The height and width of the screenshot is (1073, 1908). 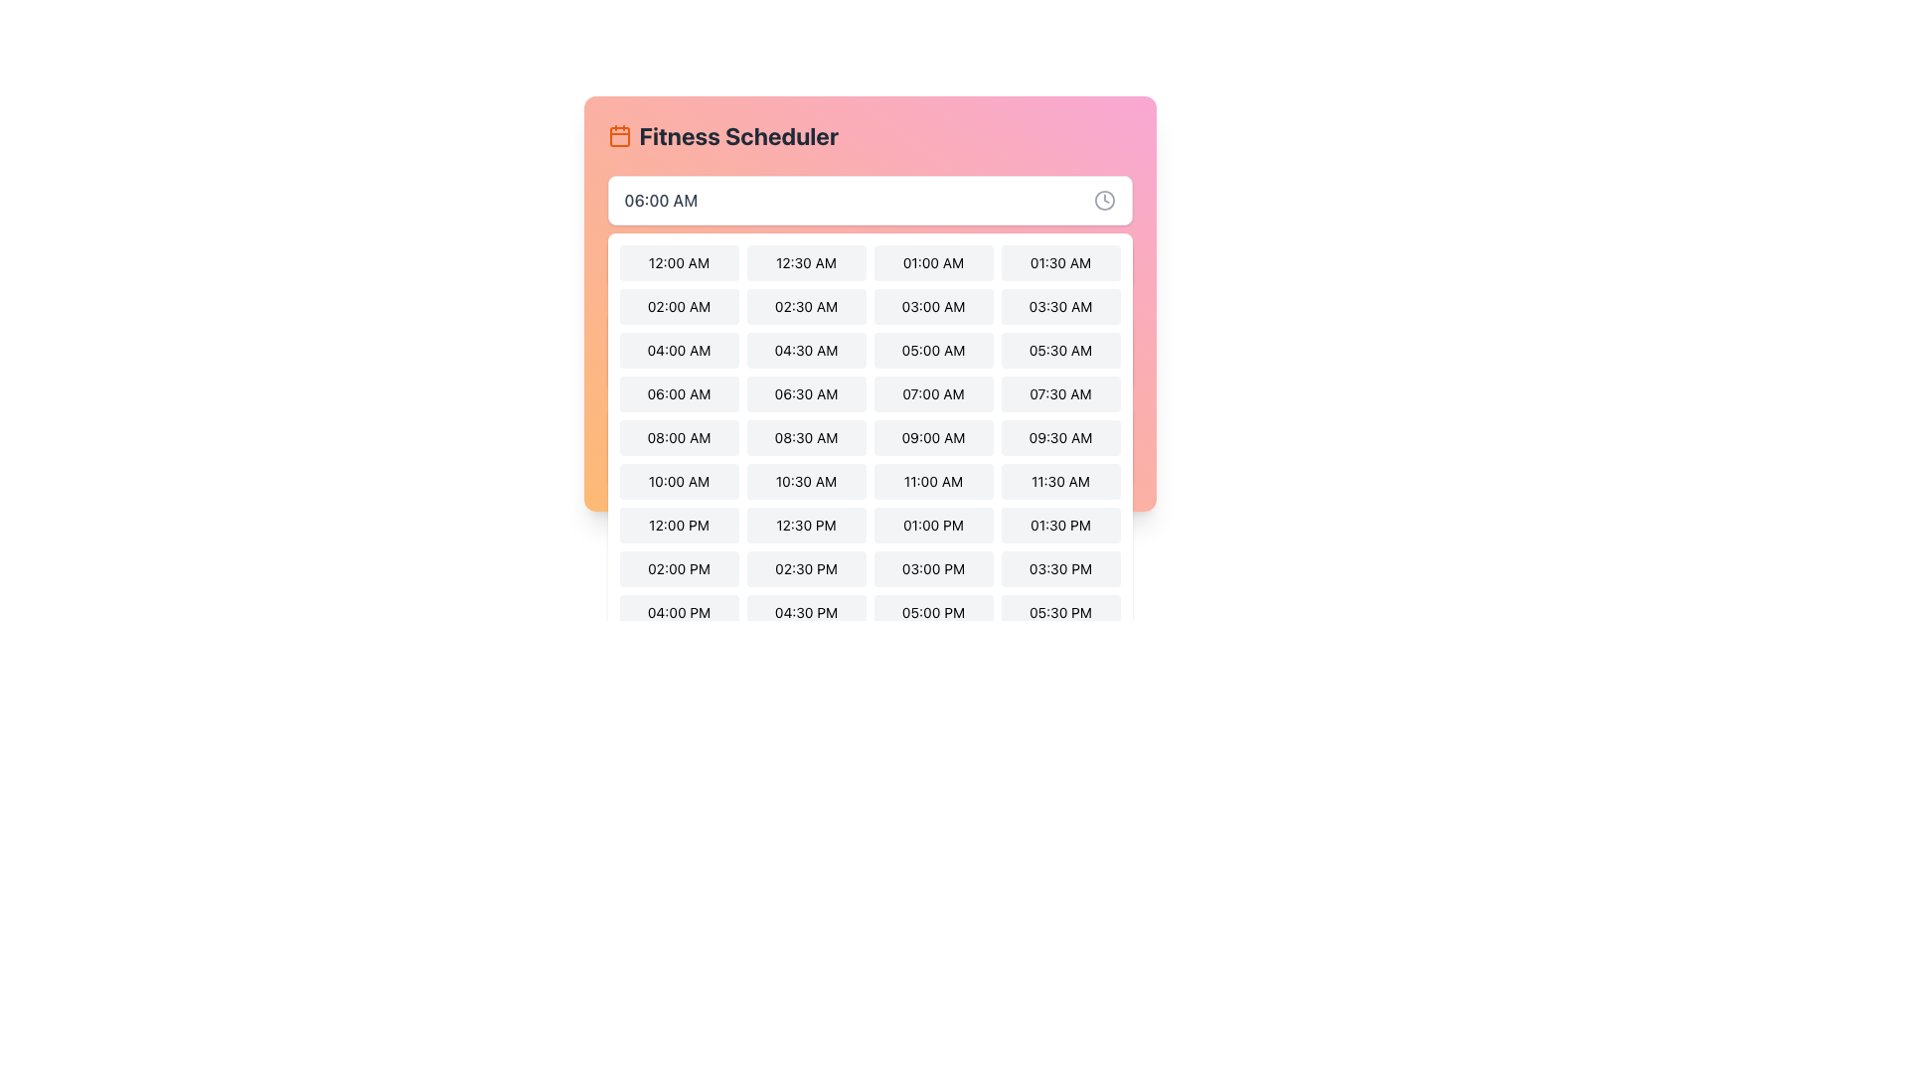 I want to click on the rectangular button displaying '02:30 AM' to change its background color to light pink, so click(x=806, y=306).